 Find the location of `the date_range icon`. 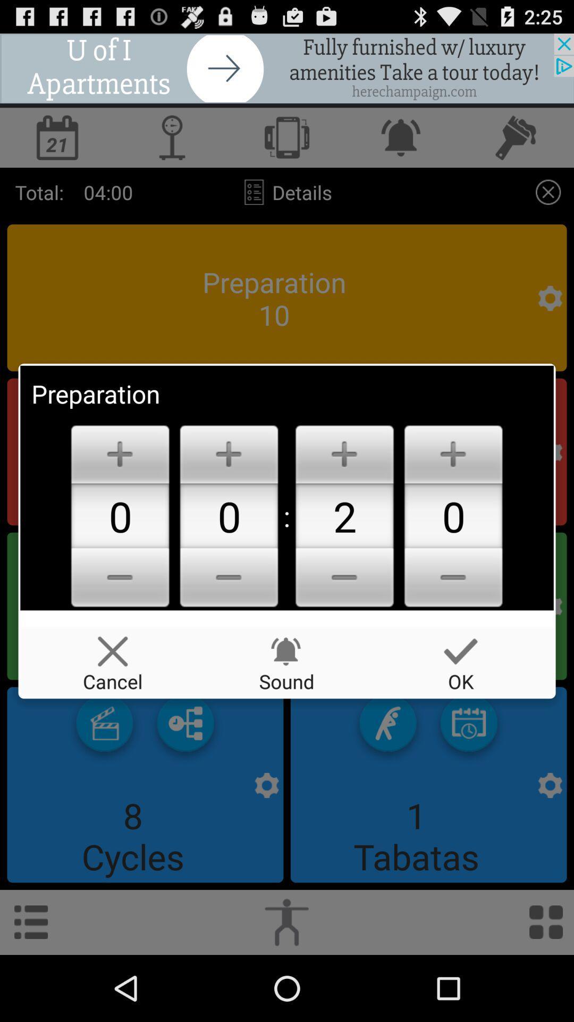

the date_range icon is located at coordinates (468, 778).